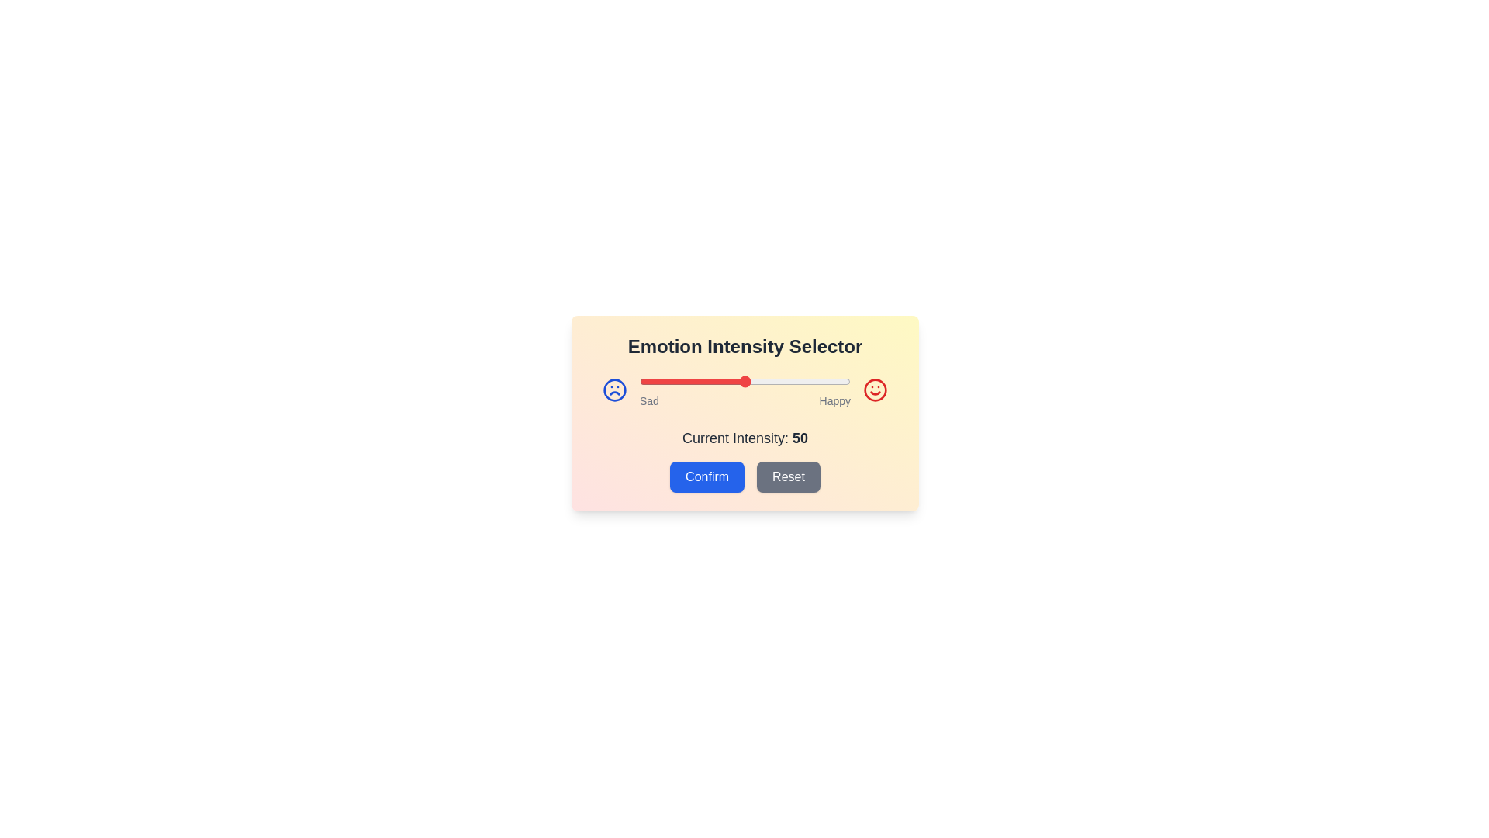  What do you see at coordinates (789, 476) in the screenshot?
I see `Reset button to revert the intensity to the default value` at bounding box center [789, 476].